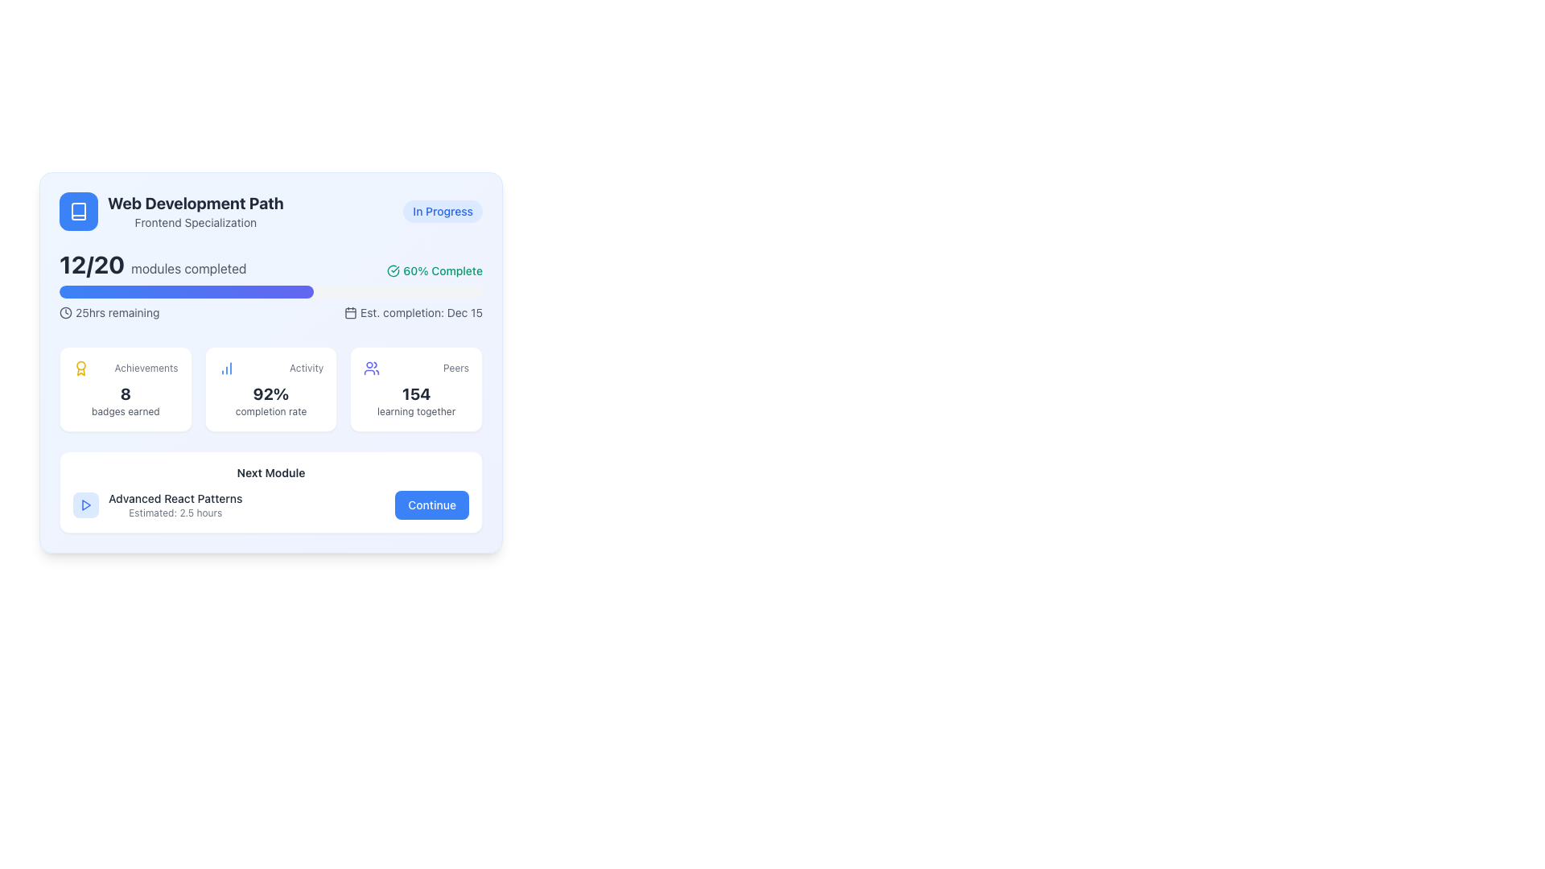 The width and height of the screenshot is (1545, 869). What do you see at coordinates (270, 411) in the screenshot?
I see `the descriptive label indicating a completion rate of '92%' located at the bottom of the card component` at bounding box center [270, 411].